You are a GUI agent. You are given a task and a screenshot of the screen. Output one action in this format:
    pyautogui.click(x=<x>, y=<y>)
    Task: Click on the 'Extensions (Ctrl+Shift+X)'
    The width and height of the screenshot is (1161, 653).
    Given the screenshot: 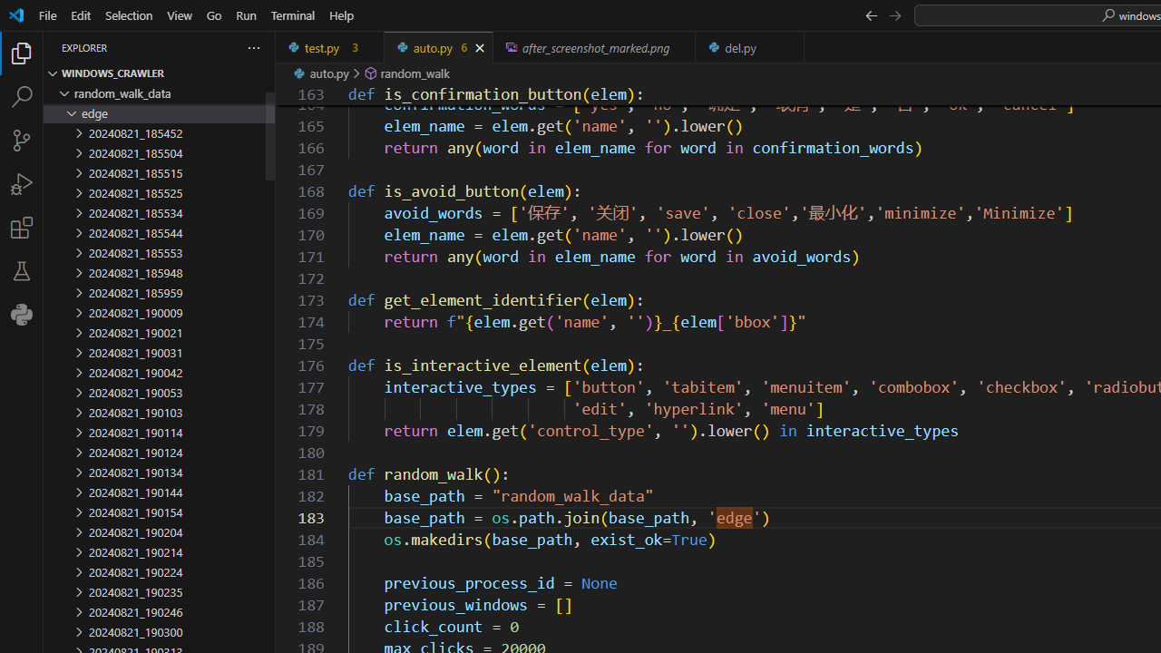 What is the action you would take?
    pyautogui.click(x=22, y=226)
    